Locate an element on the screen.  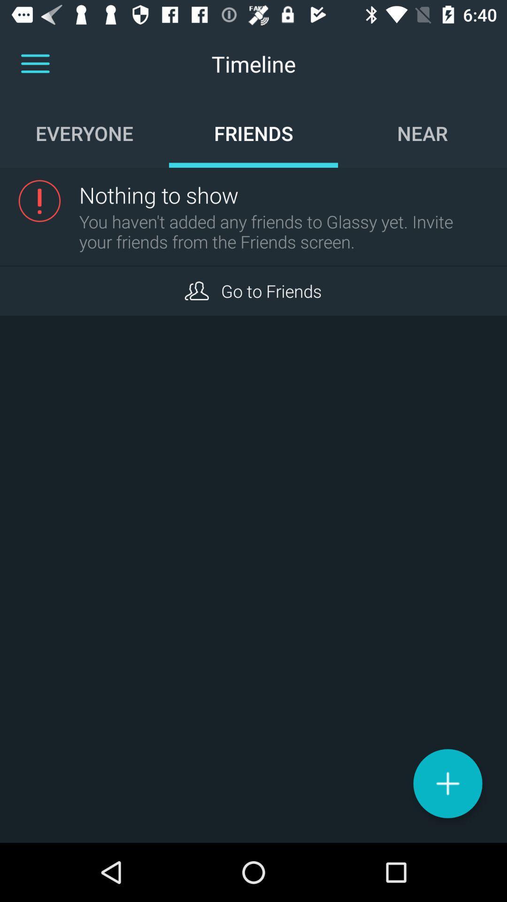
friends is located at coordinates (196, 290).